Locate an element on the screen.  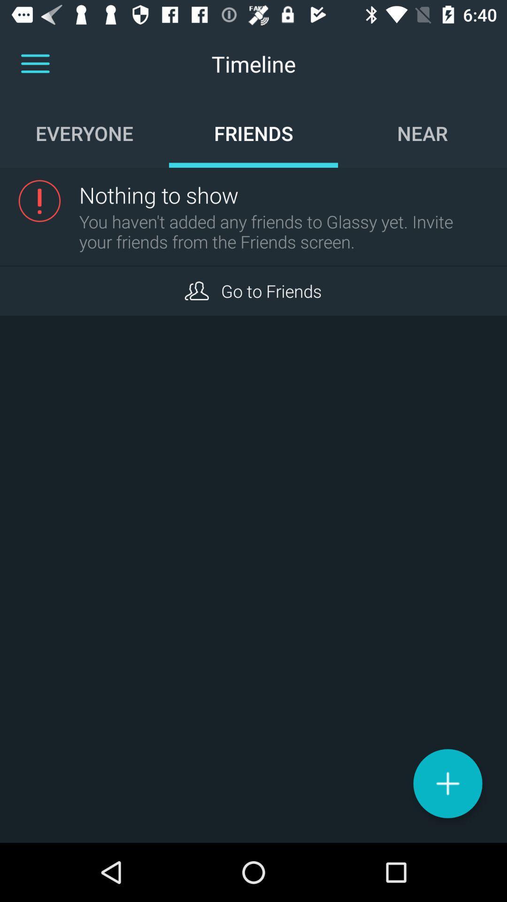
friends is located at coordinates (196, 290).